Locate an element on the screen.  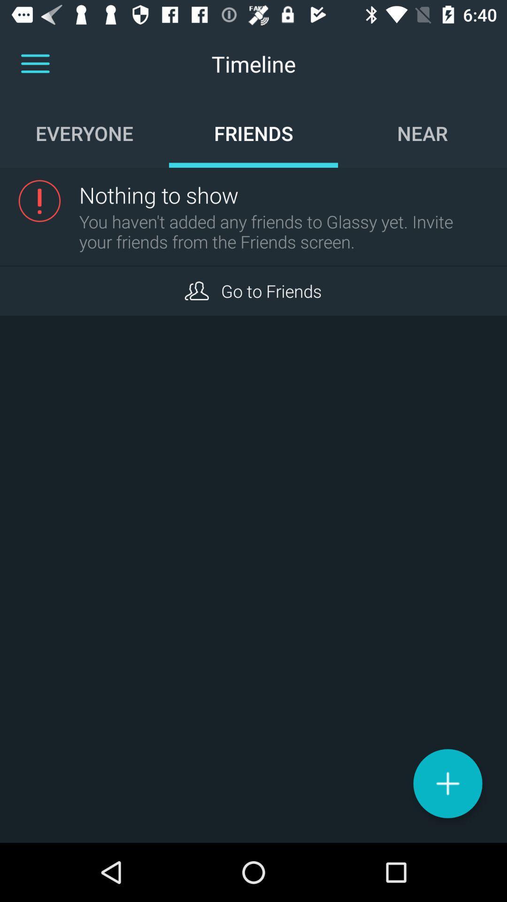
friends is located at coordinates (196, 290).